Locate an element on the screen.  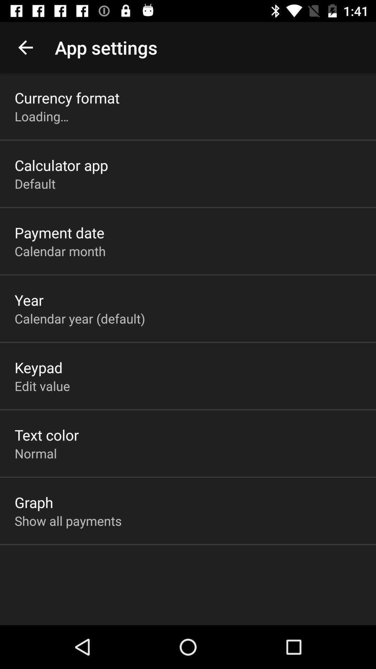
icon below graph app is located at coordinates (68, 521).